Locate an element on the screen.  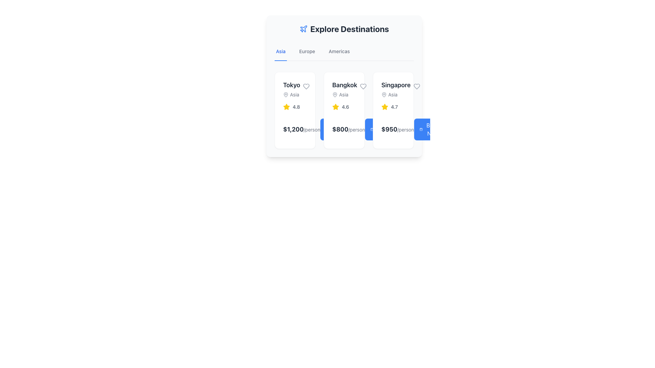
rating value displayed in the Rating Indicator located in the top section of the 'Tokyo' card, slightly to the right below the card's title area is located at coordinates (295, 107).